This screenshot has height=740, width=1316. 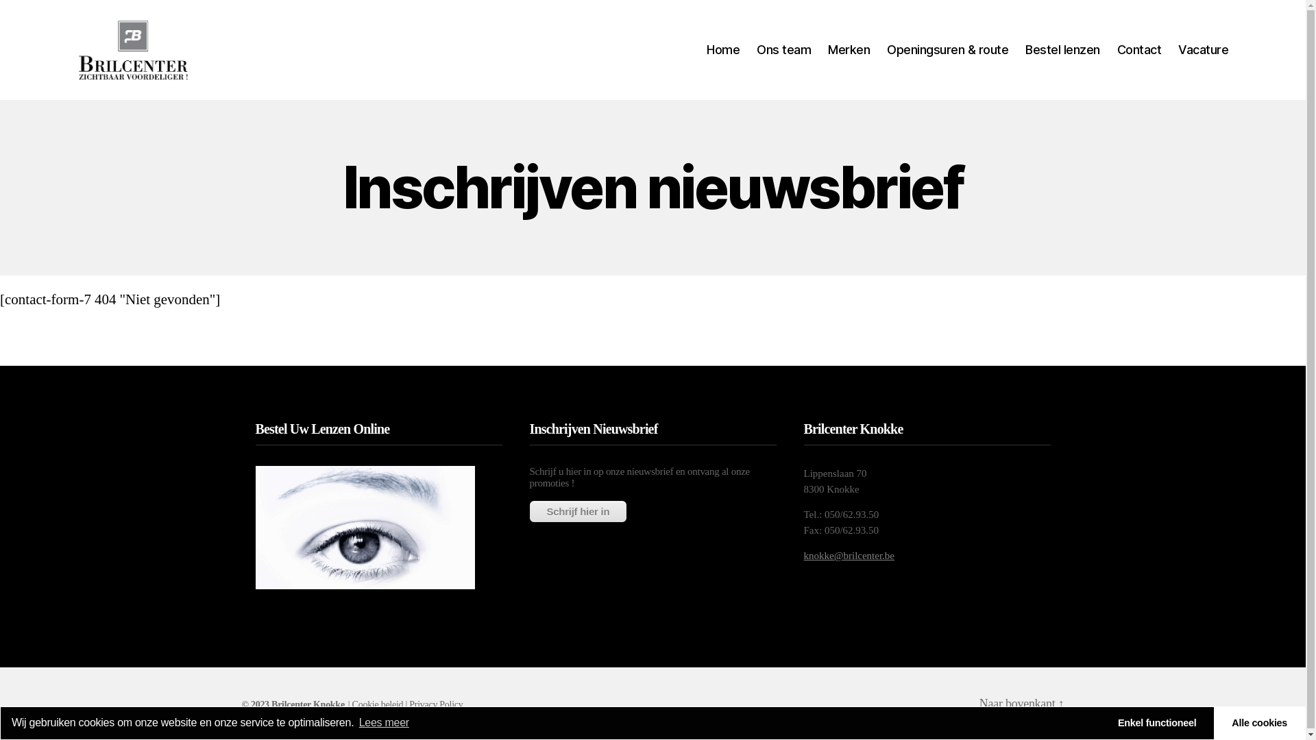 What do you see at coordinates (756, 49) in the screenshot?
I see `'Ons team'` at bounding box center [756, 49].